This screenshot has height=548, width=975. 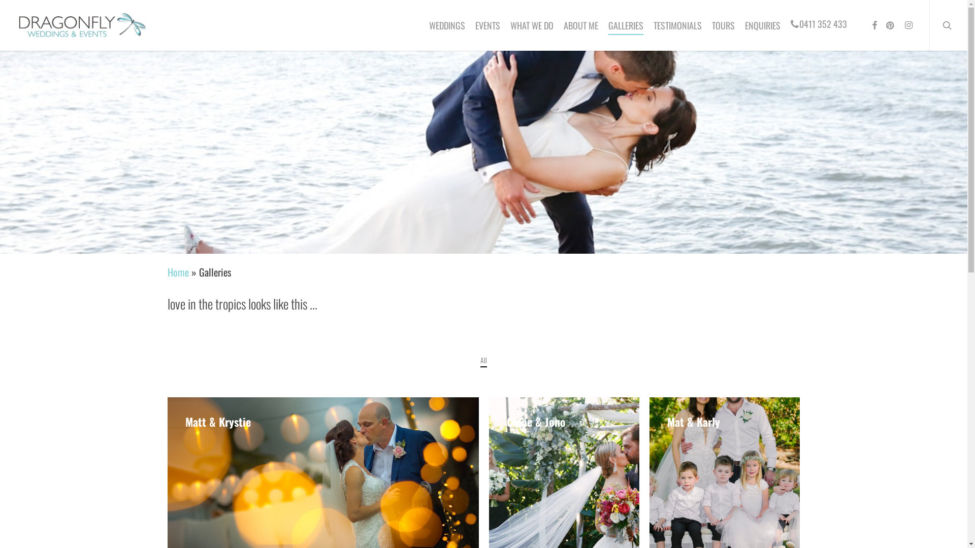 What do you see at coordinates (653, 25) in the screenshot?
I see `'TESTIMONIALS'` at bounding box center [653, 25].